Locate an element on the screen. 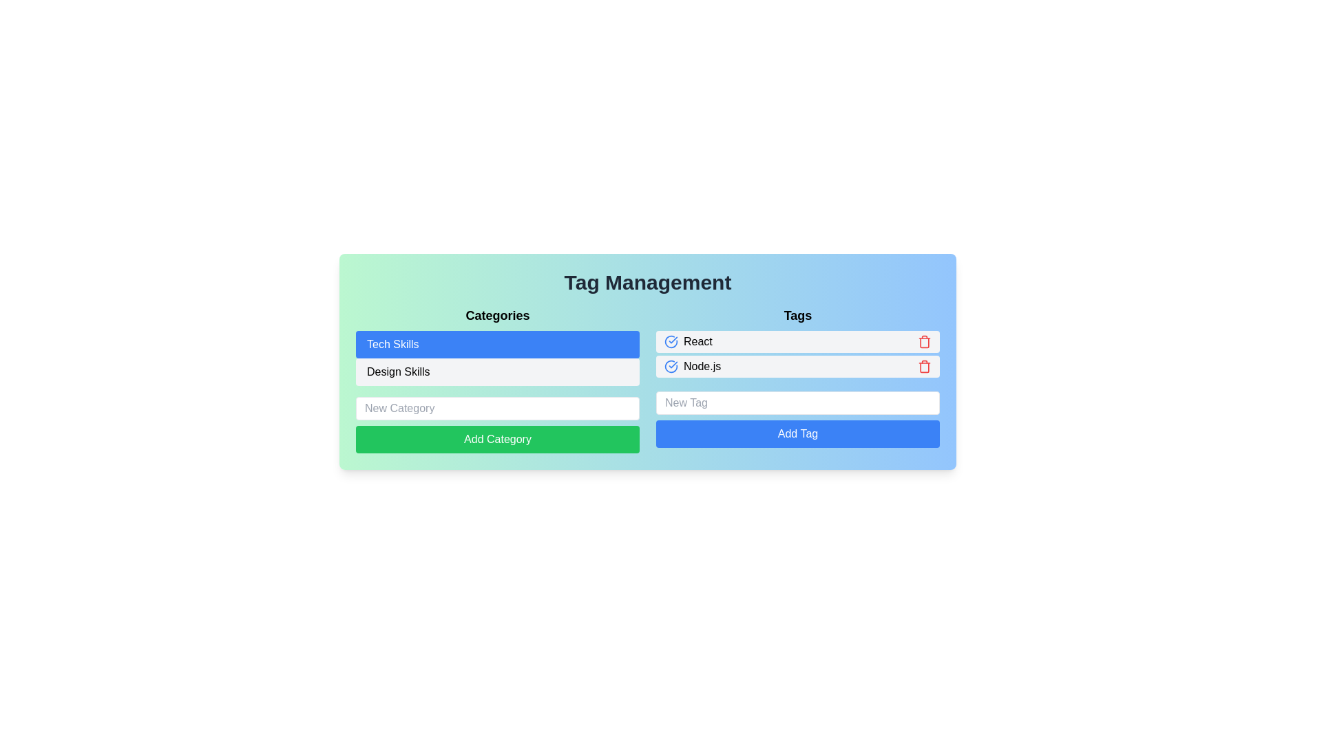 The height and width of the screenshot is (743, 1322). the 'Add Tag' button with a blue background and white text, located below the 'New Tag' input field in the 'Tags' section is located at coordinates (797, 434).